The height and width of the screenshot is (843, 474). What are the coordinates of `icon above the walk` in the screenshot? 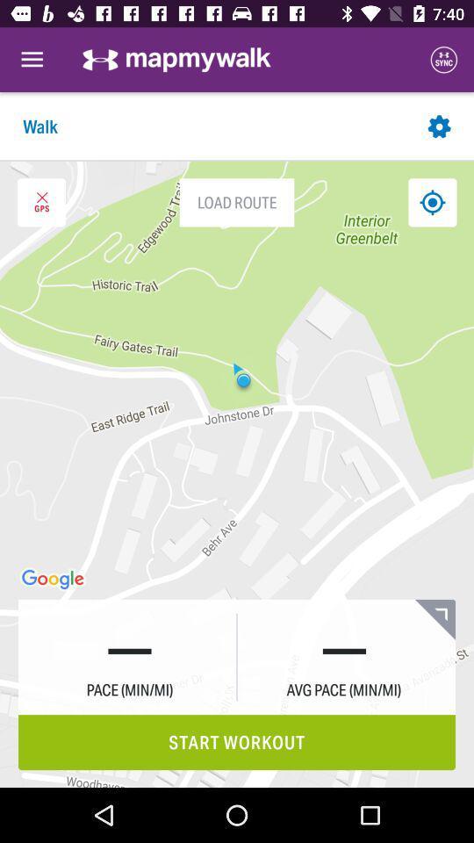 It's located at (32, 60).